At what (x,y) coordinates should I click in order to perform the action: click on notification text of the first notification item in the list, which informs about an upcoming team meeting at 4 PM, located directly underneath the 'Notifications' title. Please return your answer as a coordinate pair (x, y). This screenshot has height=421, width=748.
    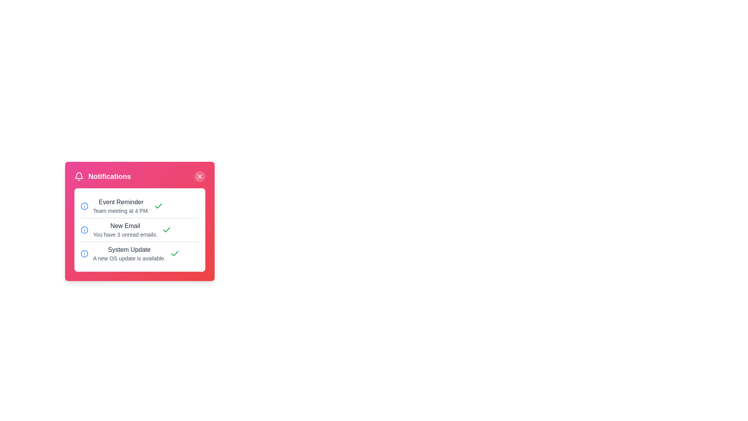
    Looking at the image, I should click on (140, 205).